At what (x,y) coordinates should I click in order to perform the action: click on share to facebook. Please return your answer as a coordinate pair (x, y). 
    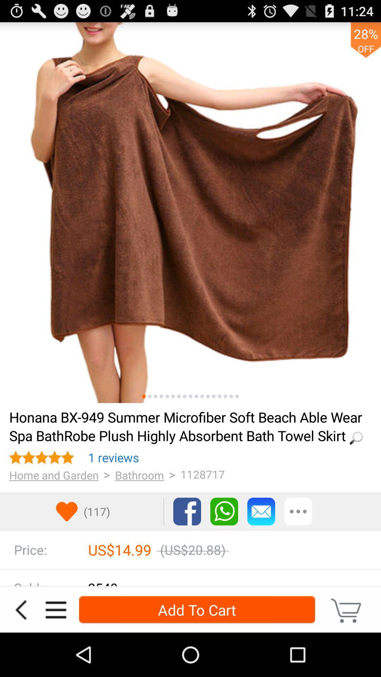
    Looking at the image, I should click on (187, 511).